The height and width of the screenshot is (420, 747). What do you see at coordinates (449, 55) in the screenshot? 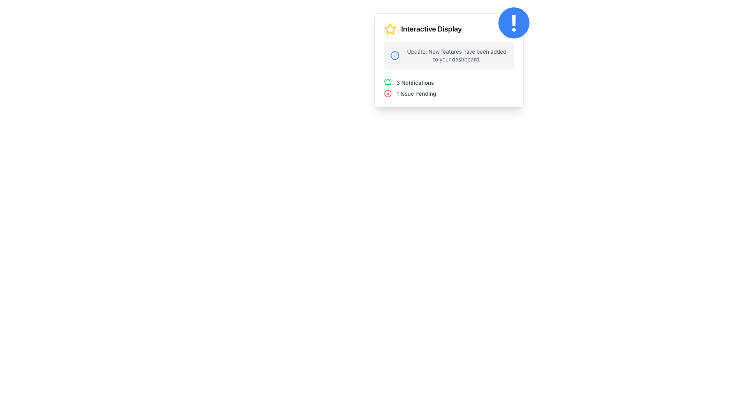
I see `the Notification Box containing the blue information icon and the text 'Update: New features have been added to your dashboard.'` at bounding box center [449, 55].